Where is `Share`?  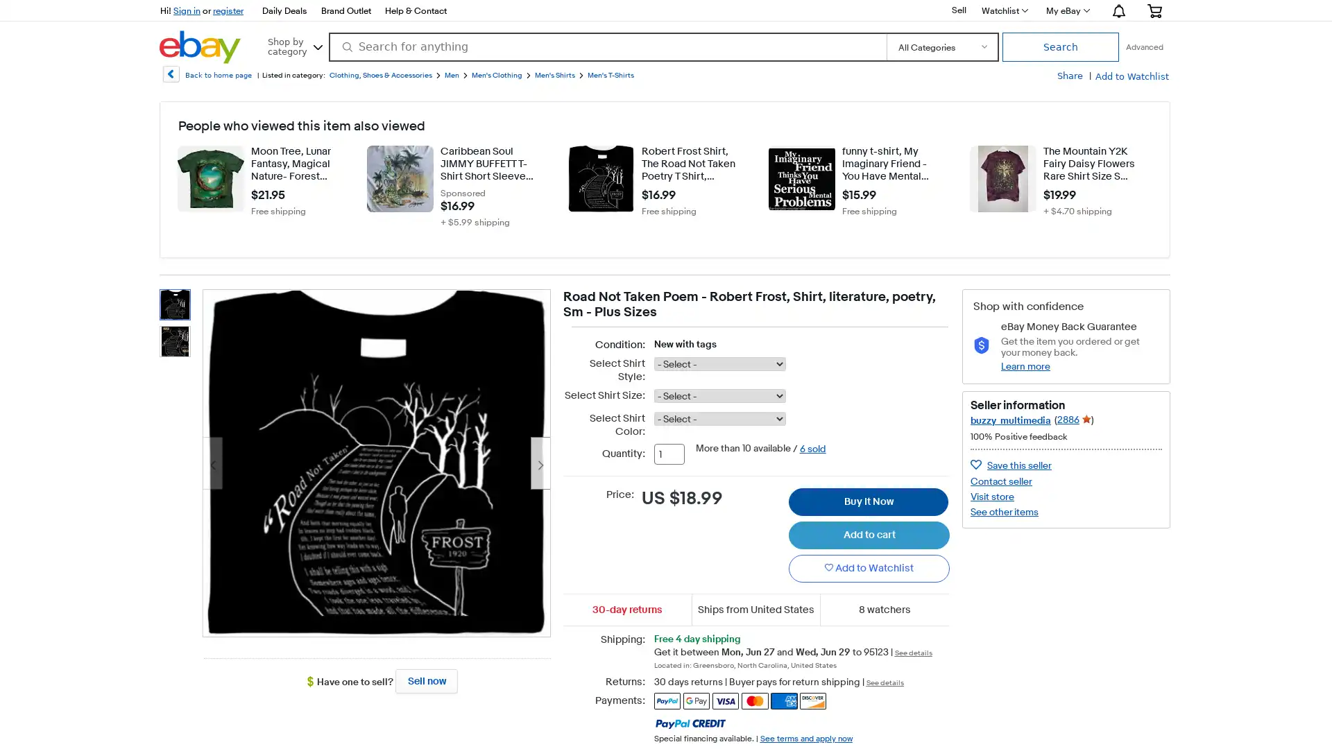 Share is located at coordinates (1069, 76).